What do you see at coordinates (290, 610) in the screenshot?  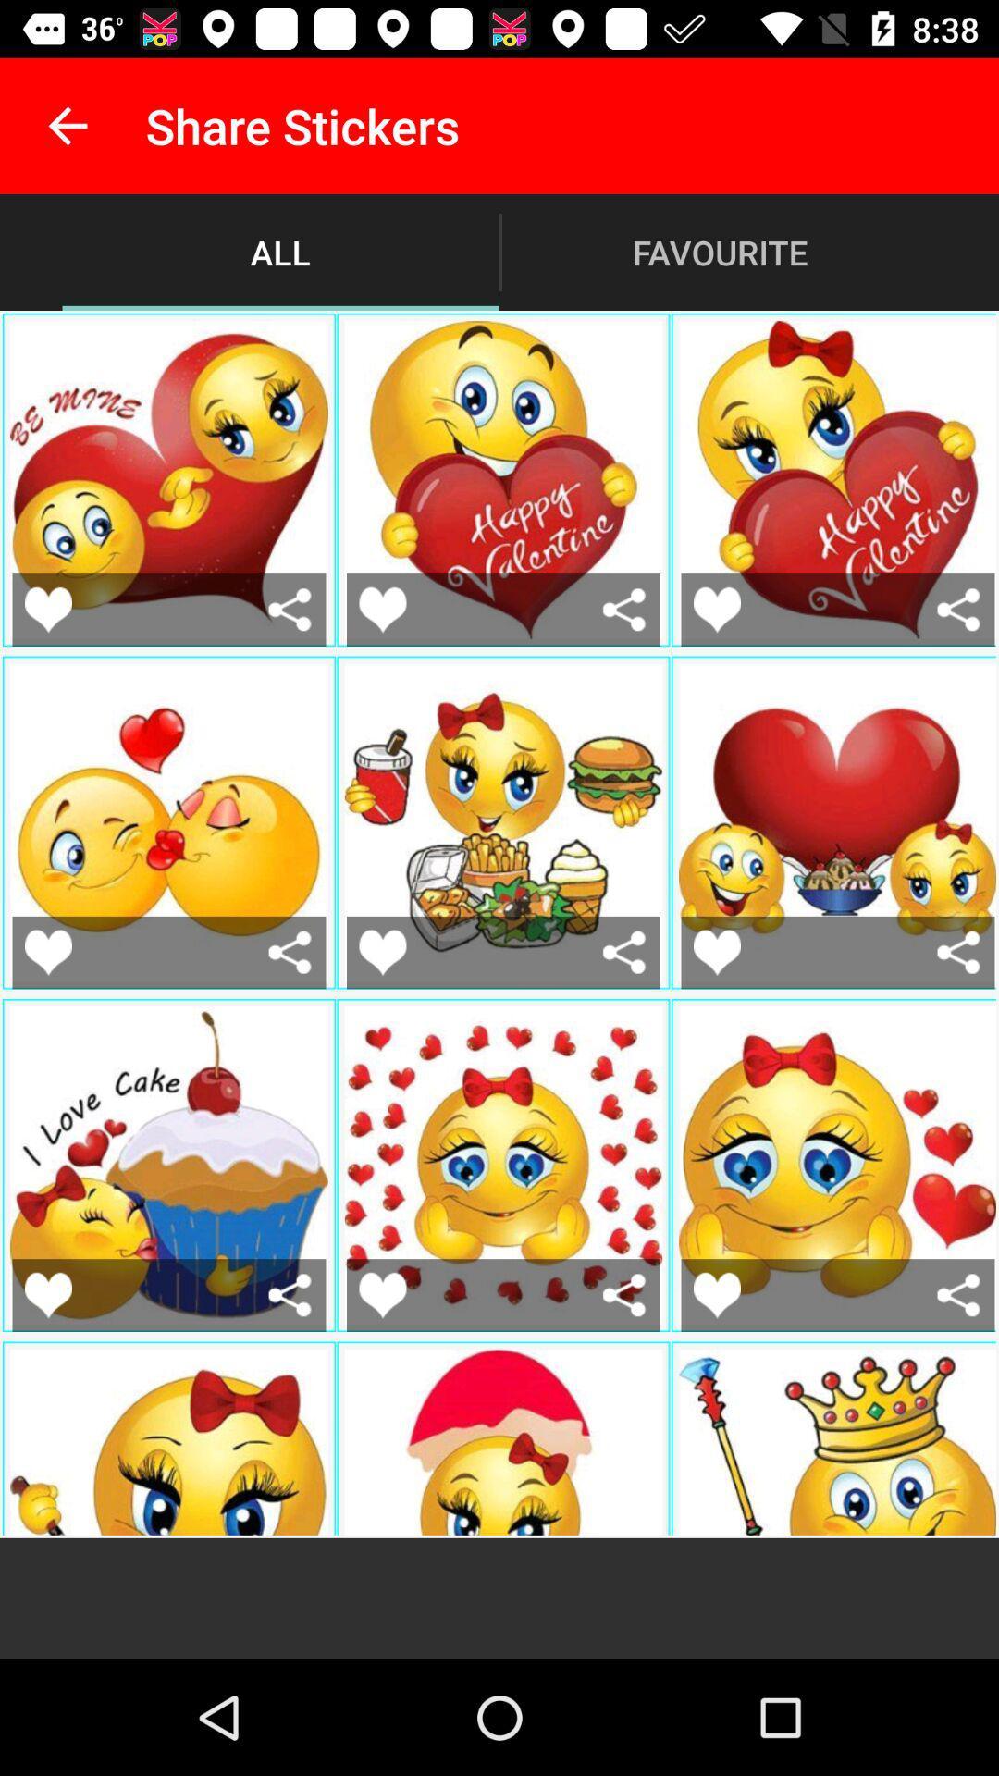 I see `share the sticker` at bounding box center [290, 610].